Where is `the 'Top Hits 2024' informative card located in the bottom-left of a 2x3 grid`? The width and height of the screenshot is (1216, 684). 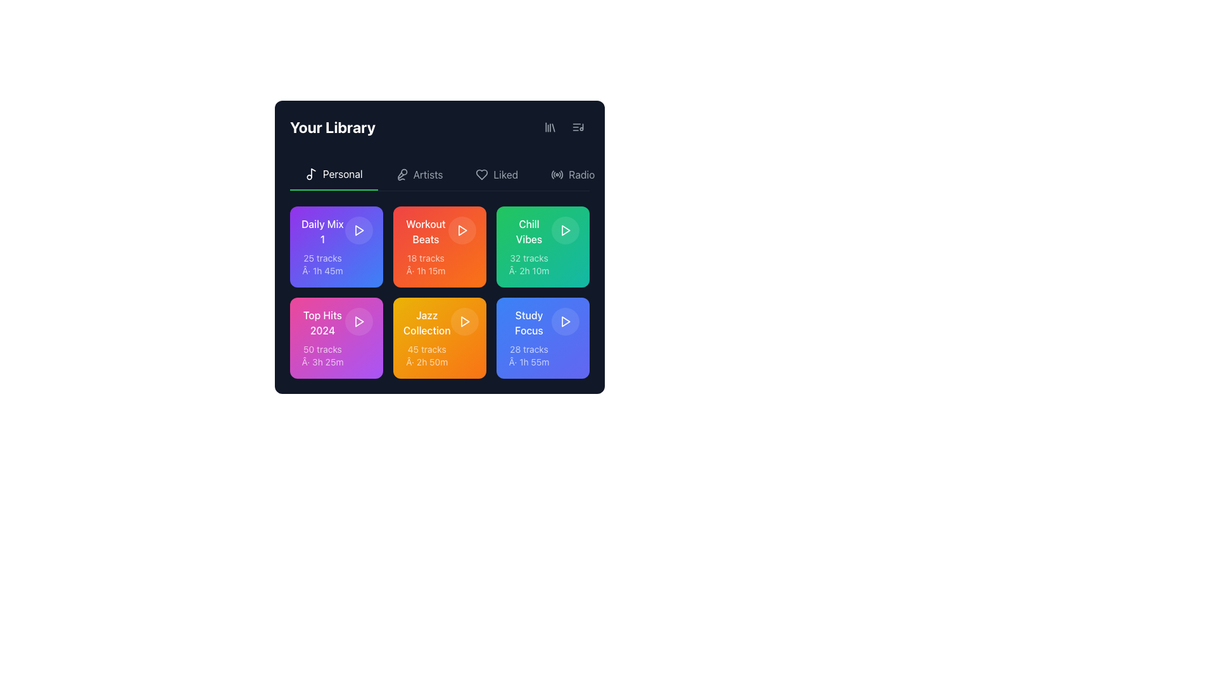 the 'Top Hits 2024' informative card located in the bottom-left of a 2x3 grid is located at coordinates (322, 337).